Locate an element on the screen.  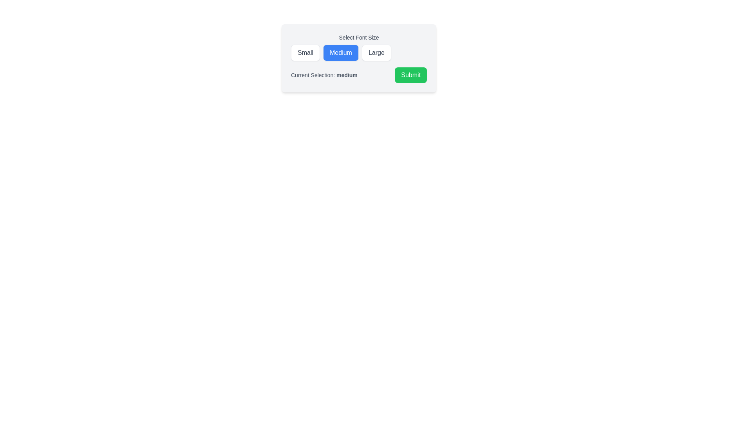
the static text label that displays the user's current font size selection, located below the font size options and adjacent to the green 'Submit' button is located at coordinates (324, 75).